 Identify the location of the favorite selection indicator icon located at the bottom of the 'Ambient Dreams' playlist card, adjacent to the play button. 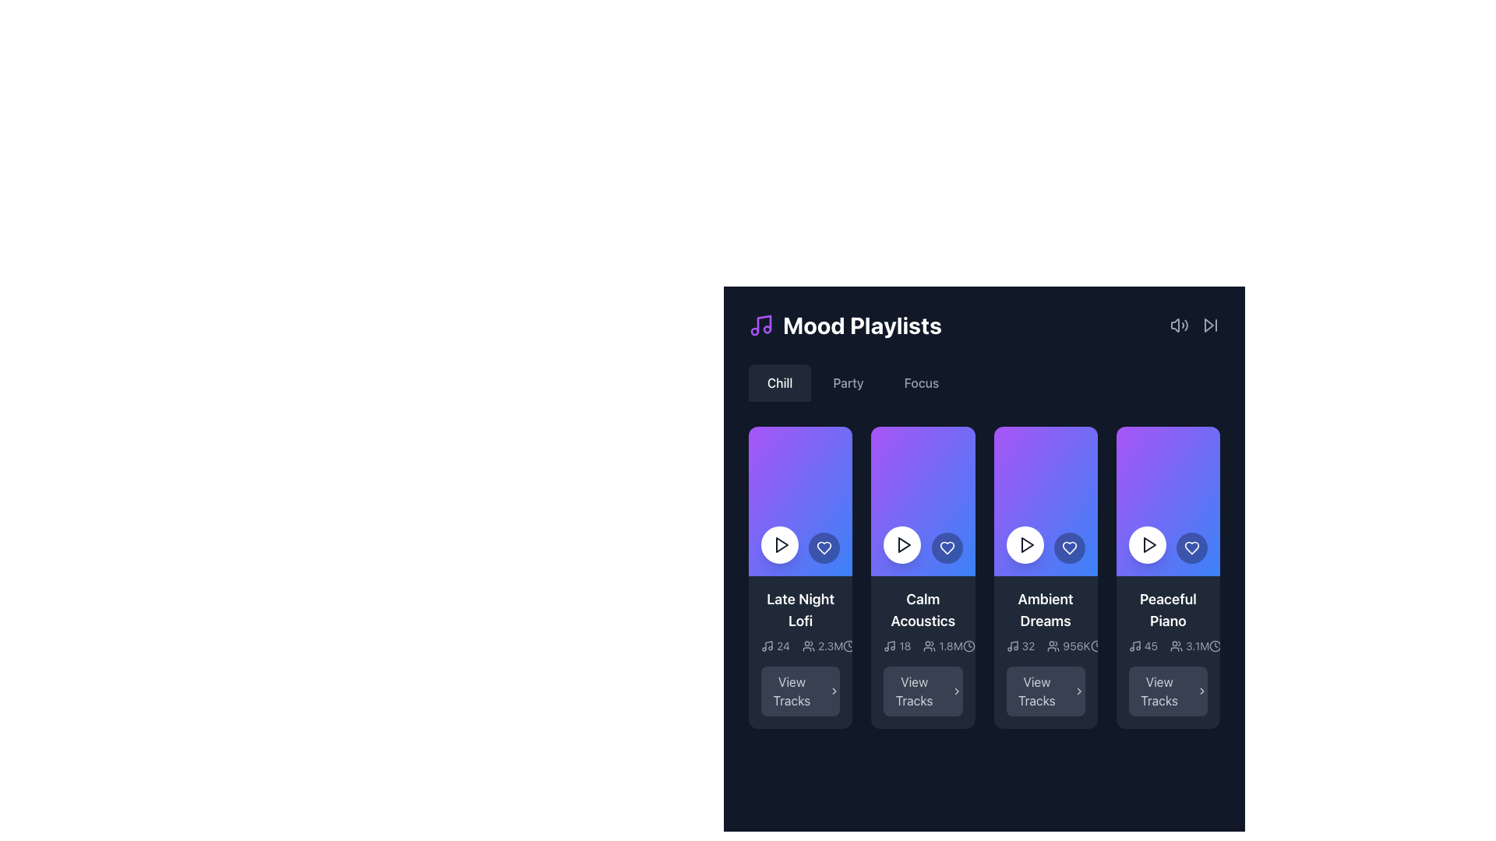
(1068, 547).